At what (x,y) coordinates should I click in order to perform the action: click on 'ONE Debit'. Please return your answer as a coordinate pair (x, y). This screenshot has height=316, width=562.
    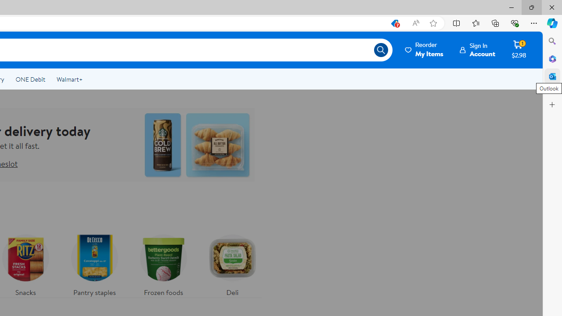
    Looking at the image, I should click on (30, 79).